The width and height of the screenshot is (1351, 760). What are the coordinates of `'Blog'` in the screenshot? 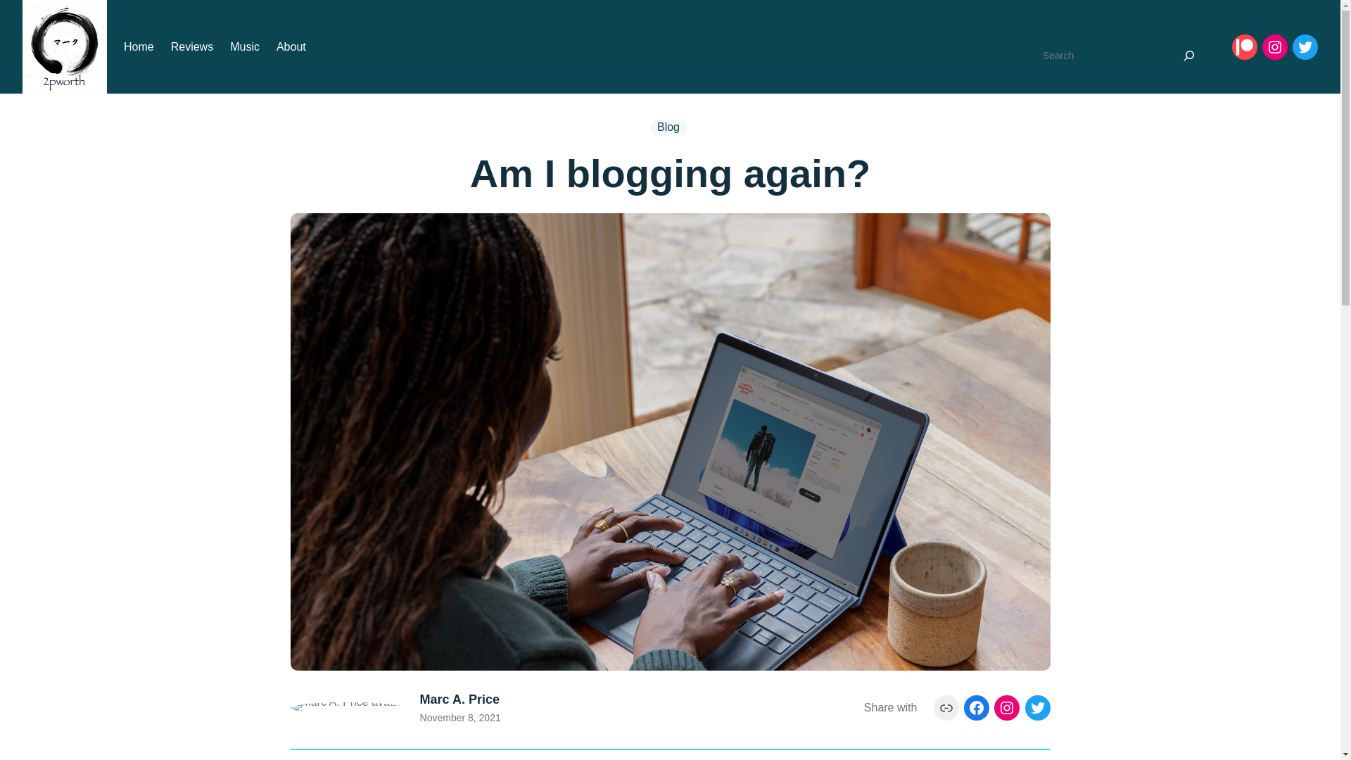 It's located at (668, 127).